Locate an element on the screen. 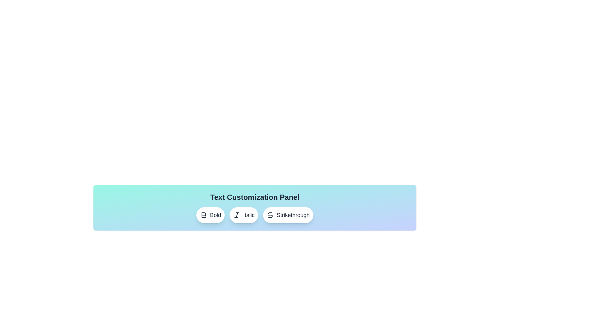  the middle button in the Text Customization Panel to apply italic formatting to the selected text is located at coordinates (255, 215).